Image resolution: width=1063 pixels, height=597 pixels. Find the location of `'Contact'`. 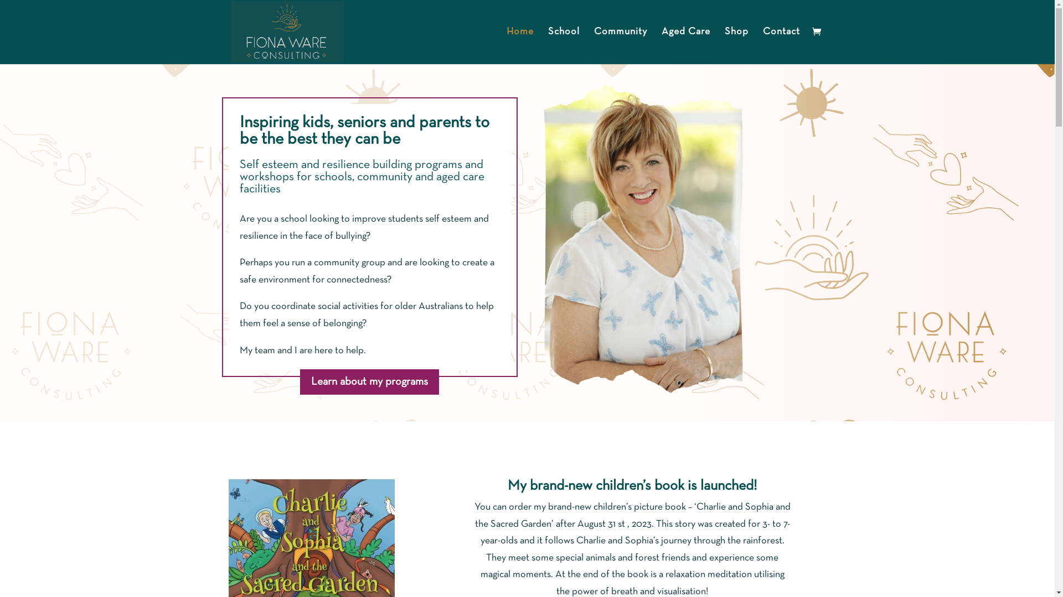

'Contact' is located at coordinates (781, 45).